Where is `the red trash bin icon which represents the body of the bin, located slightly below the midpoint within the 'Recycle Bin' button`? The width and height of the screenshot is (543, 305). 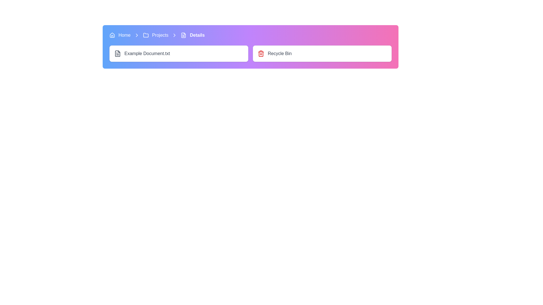
the red trash bin icon which represents the body of the bin, located slightly below the midpoint within the 'Recycle Bin' button is located at coordinates (260, 54).